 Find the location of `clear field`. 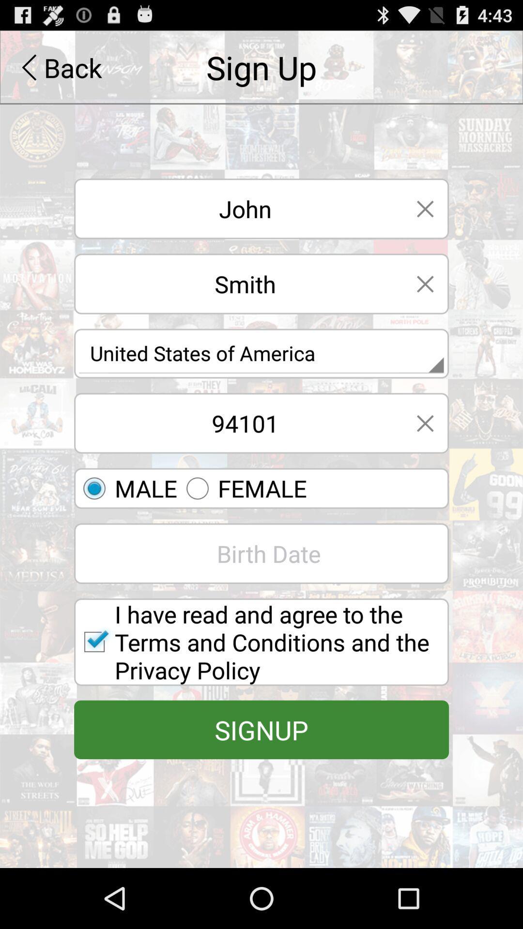

clear field is located at coordinates (425, 283).